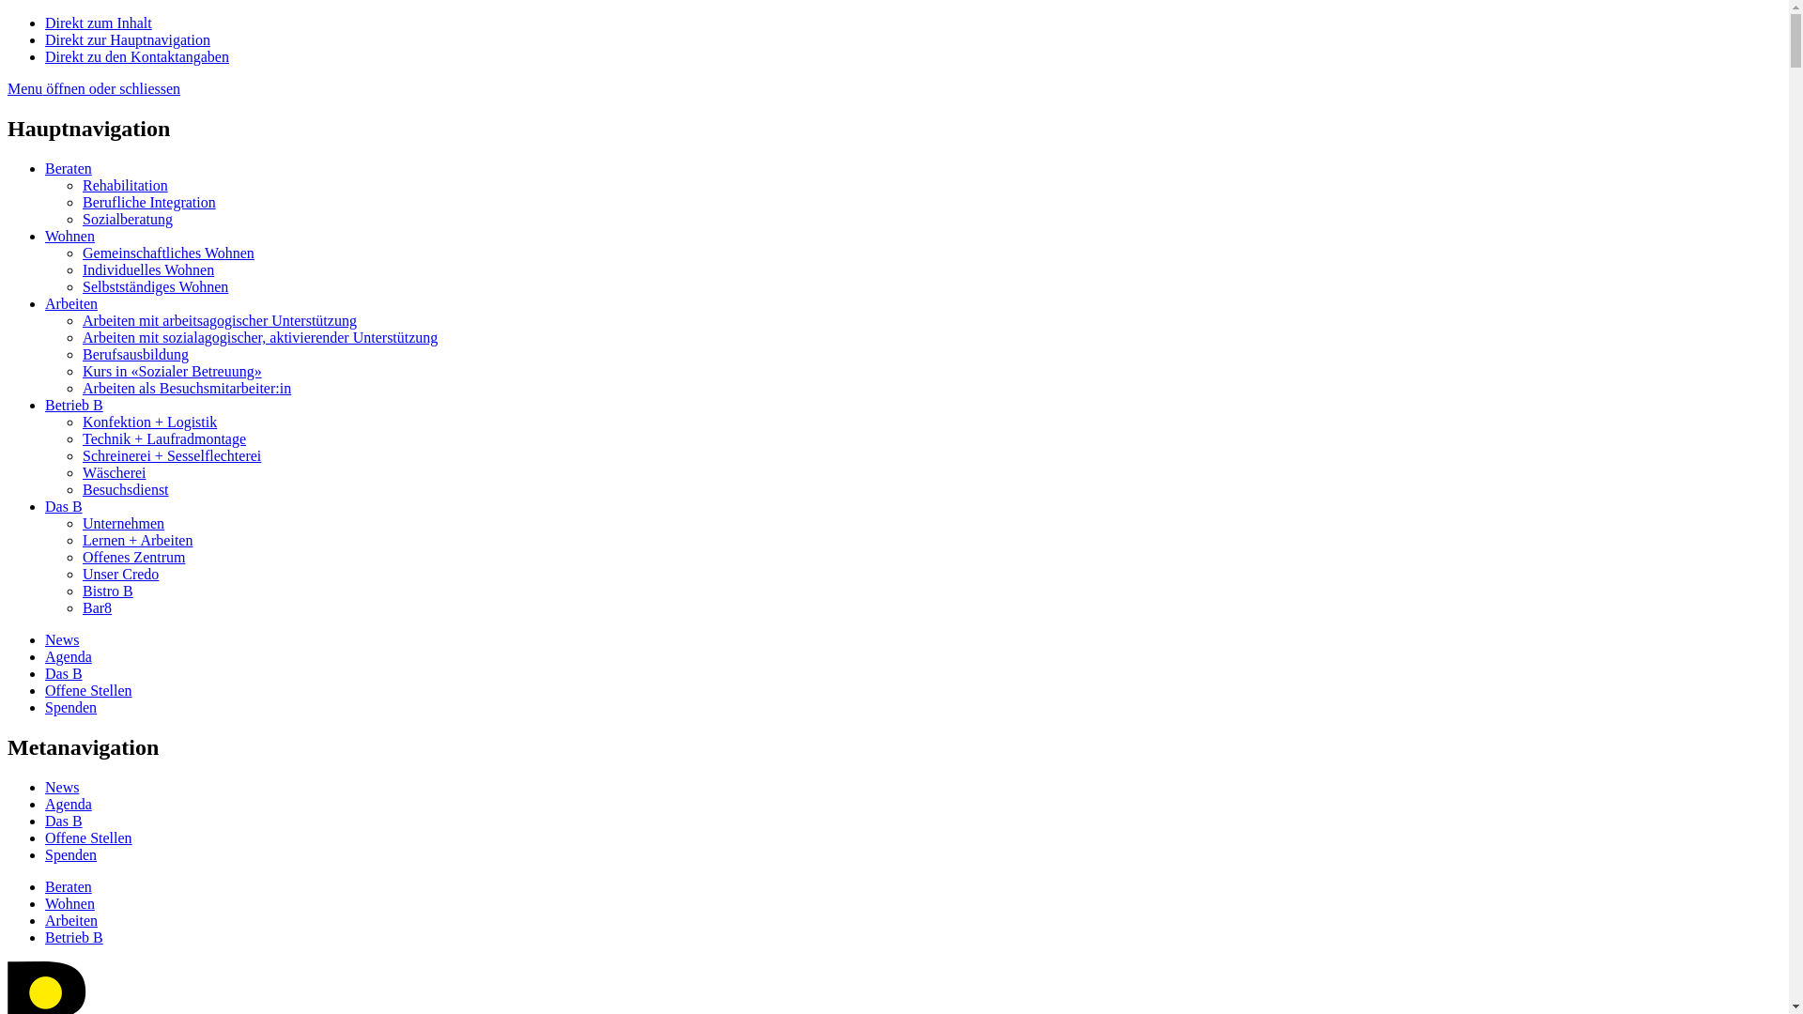 Image resolution: width=1803 pixels, height=1014 pixels. Describe the element at coordinates (171, 455) in the screenshot. I see `'Schreinerei + Sesselflechterei'` at that location.